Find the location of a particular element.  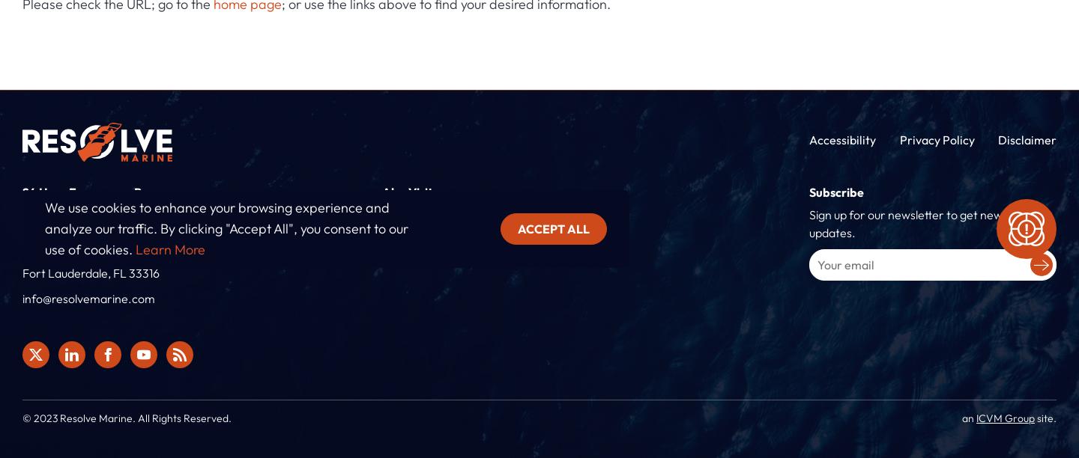

'Accept all' is located at coordinates (553, 229).